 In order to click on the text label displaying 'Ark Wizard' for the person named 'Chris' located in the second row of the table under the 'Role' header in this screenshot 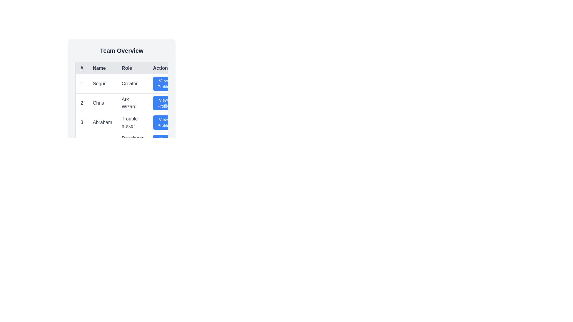, I will do `click(132, 103)`.